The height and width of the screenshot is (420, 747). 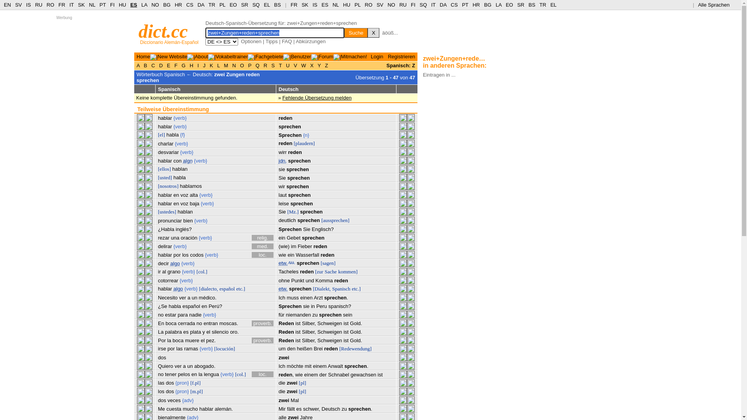 I want to click on 'etc.]', so click(x=356, y=289).